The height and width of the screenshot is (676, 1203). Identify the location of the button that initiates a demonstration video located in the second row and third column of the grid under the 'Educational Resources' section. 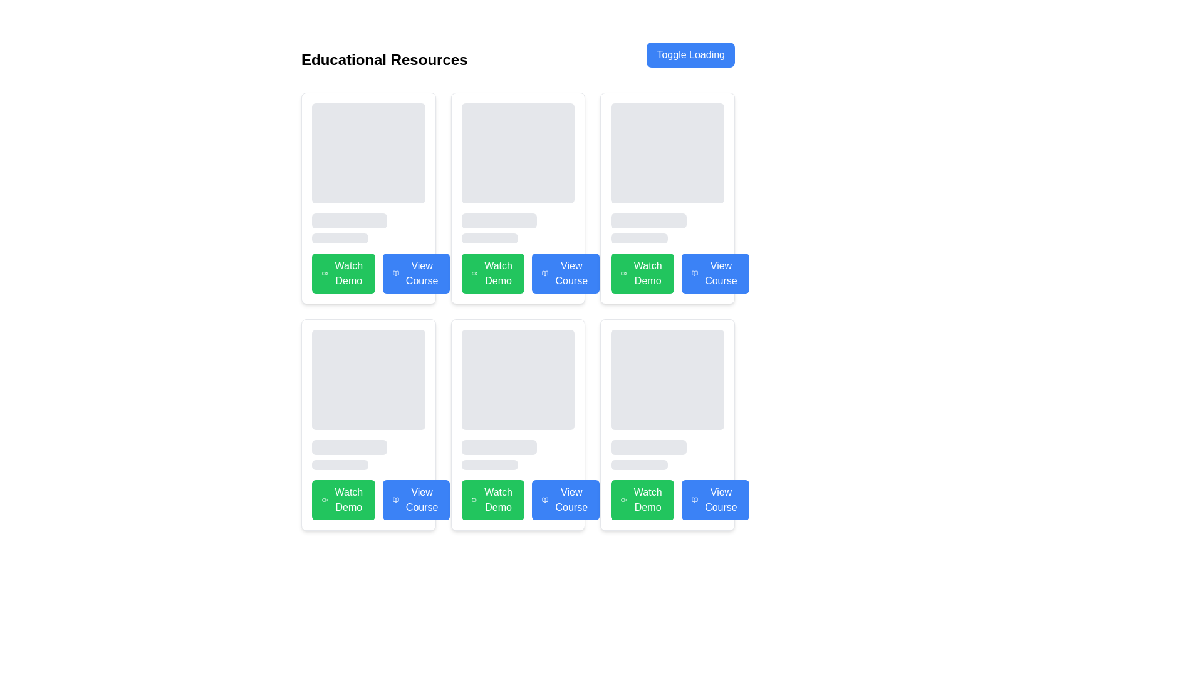
(642, 272).